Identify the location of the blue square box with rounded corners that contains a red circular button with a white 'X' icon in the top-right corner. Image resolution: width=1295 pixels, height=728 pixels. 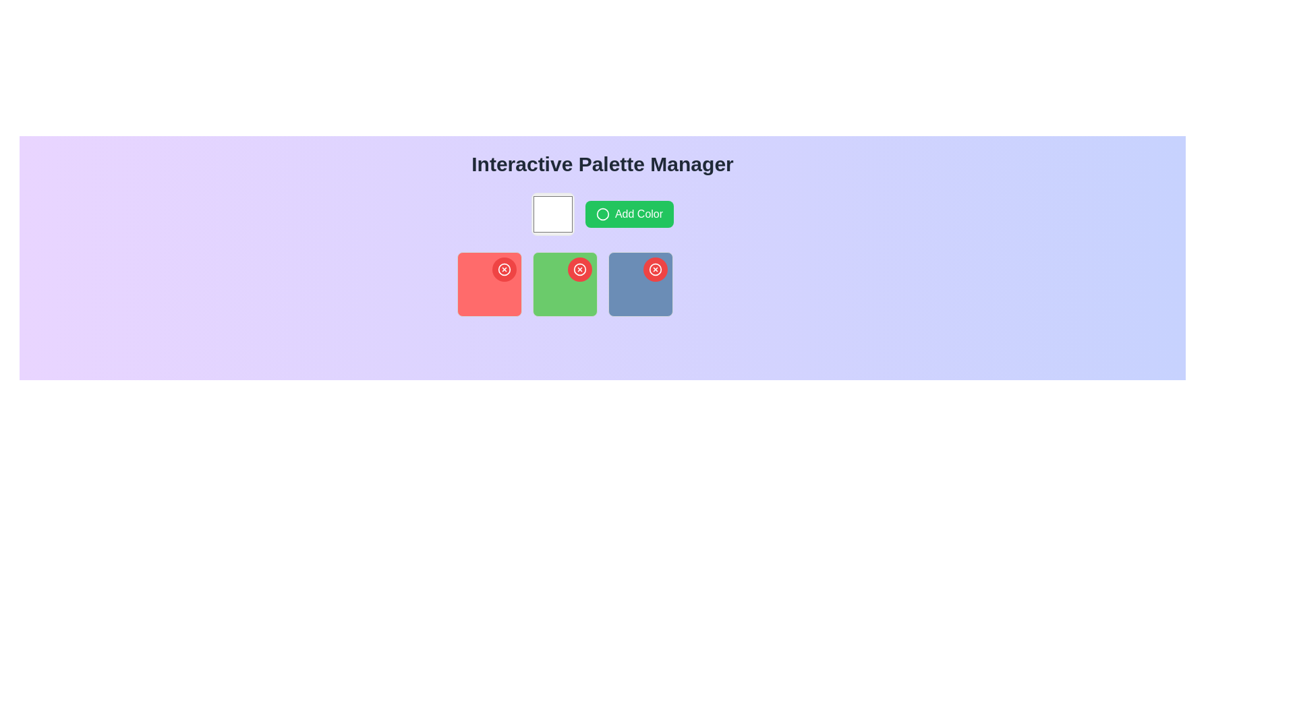
(639, 283).